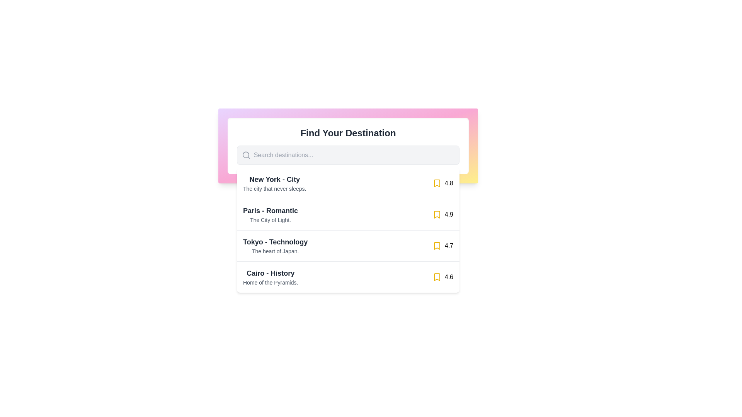 The image size is (742, 417). What do you see at coordinates (275, 246) in the screenshot?
I see `the surrounding areas of the text block displaying 'Tokyo - Technology' and its subtitle 'The heart of Japan.' if it is interactive` at bounding box center [275, 246].